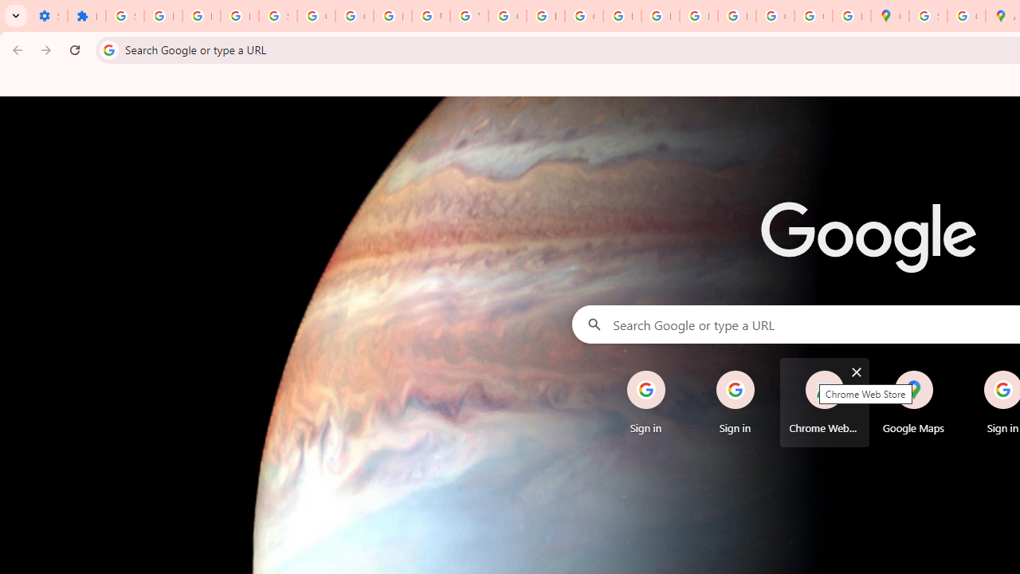 Image resolution: width=1020 pixels, height=574 pixels. Describe the element at coordinates (48, 16) in the screenshot. I see `'Settings - On startup'` at that location.